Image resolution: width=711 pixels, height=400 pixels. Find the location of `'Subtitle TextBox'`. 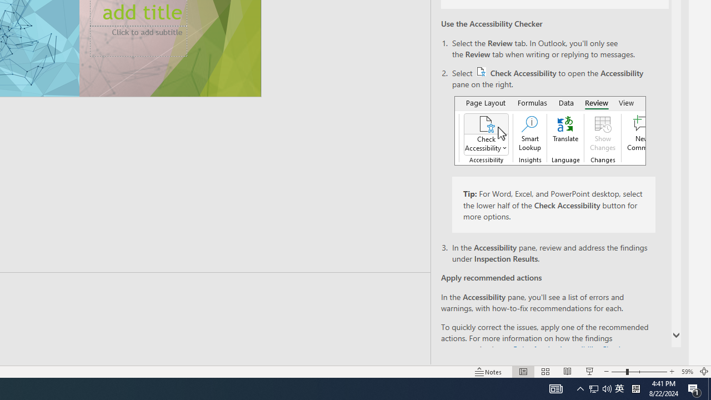

'Subtitle TextBox' is located at coordinates (138, 41).